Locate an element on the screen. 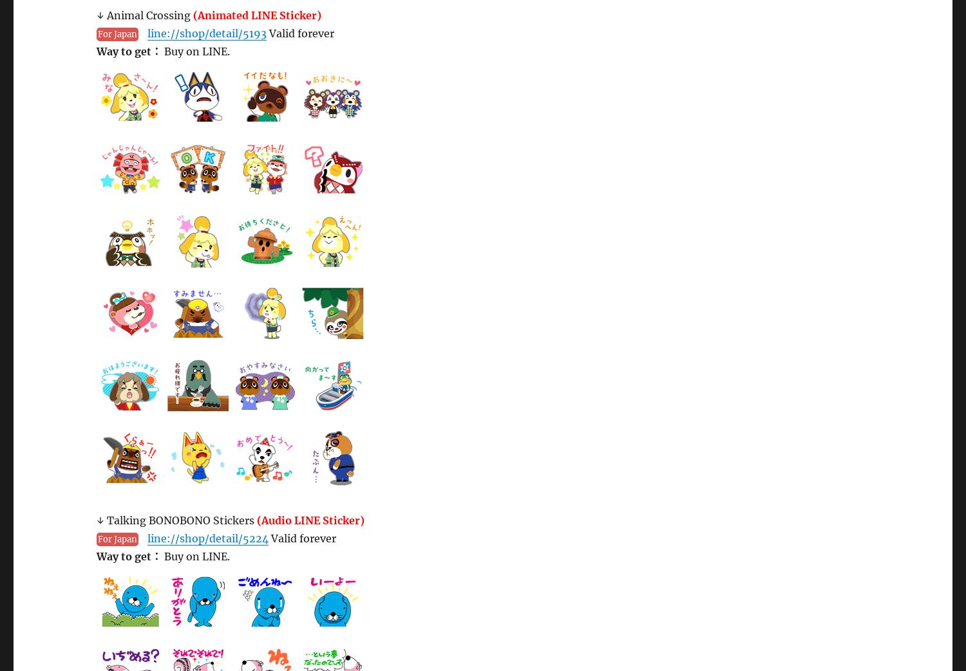 This screenshot has height=671, width=966. '↓ Talking BONOBONO Stickers' is located at coordinates (176, 519).